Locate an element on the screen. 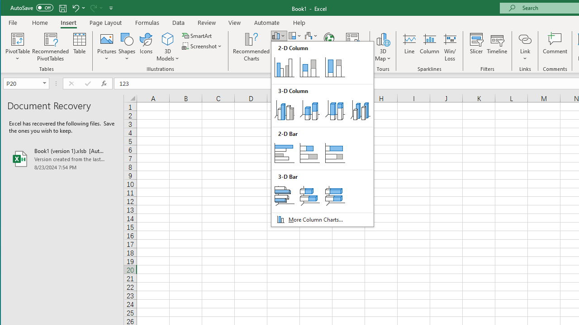  'Insert' is located at coordinates (68, 22).